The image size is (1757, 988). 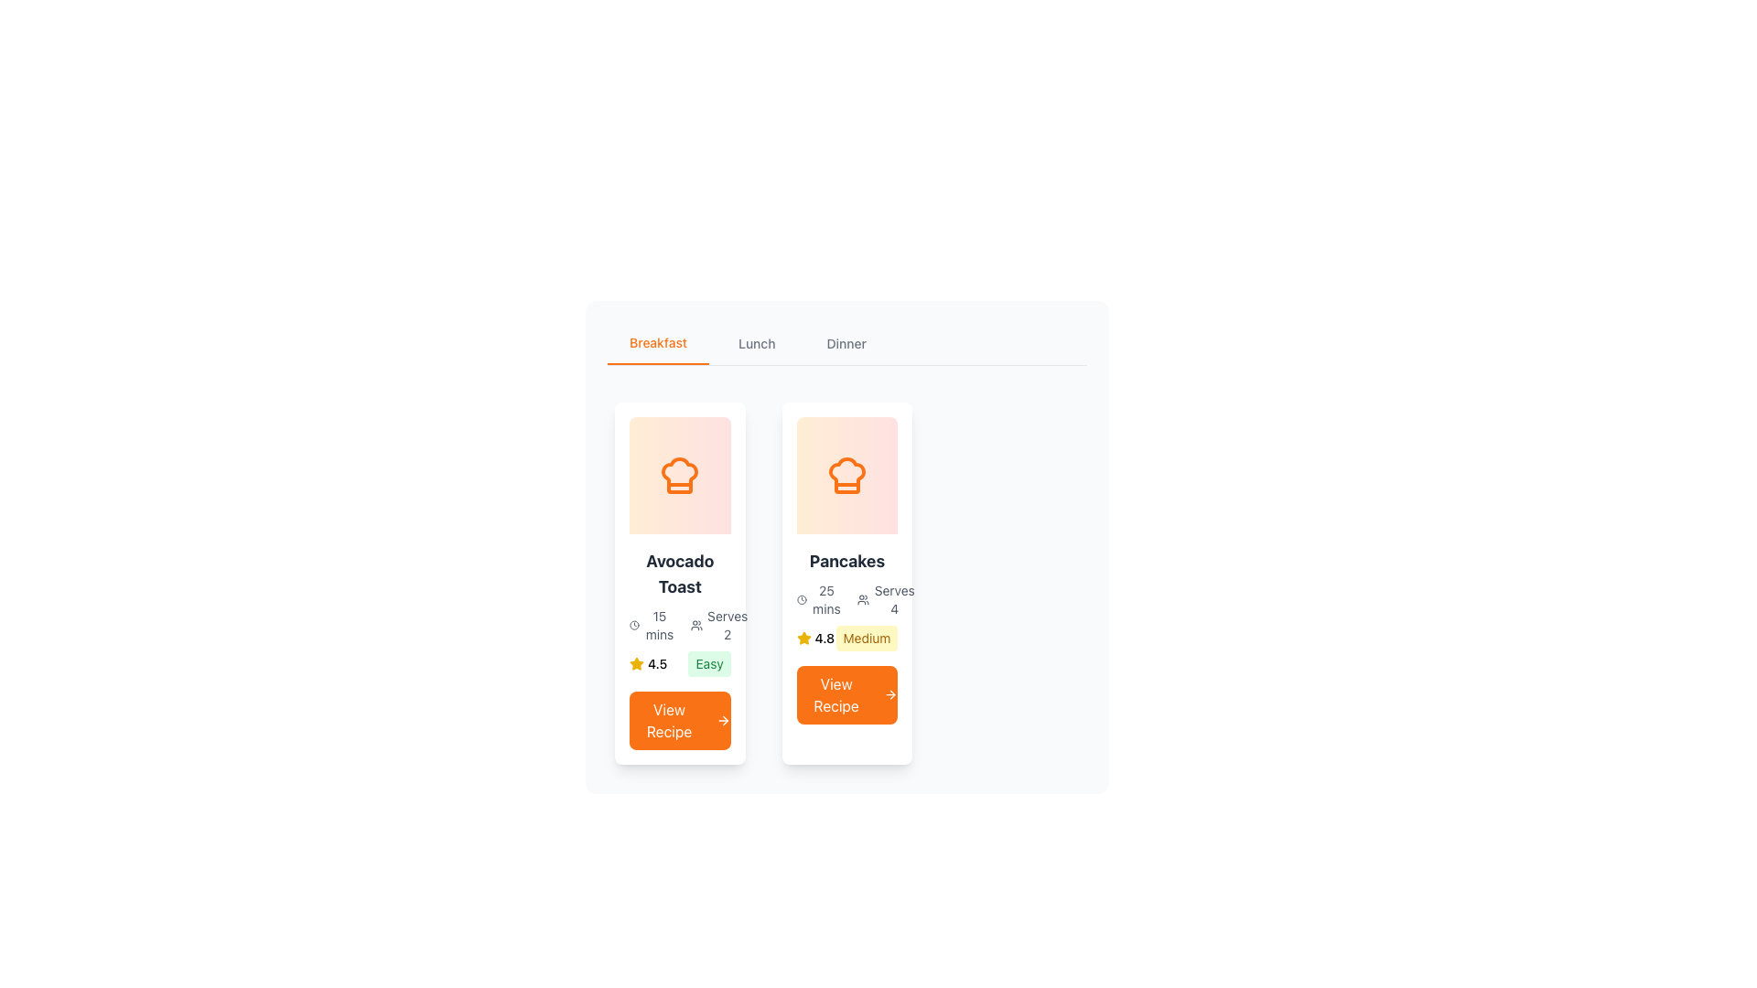 What do you see at coordinates (657, 663) in the screenshot?
I see `the text label representing the rating score for the 'Avocado Toast' recipe, located immediately to the right of the yellow star icon within the rating display cluster in the left card` at bounding box center [657, 663].